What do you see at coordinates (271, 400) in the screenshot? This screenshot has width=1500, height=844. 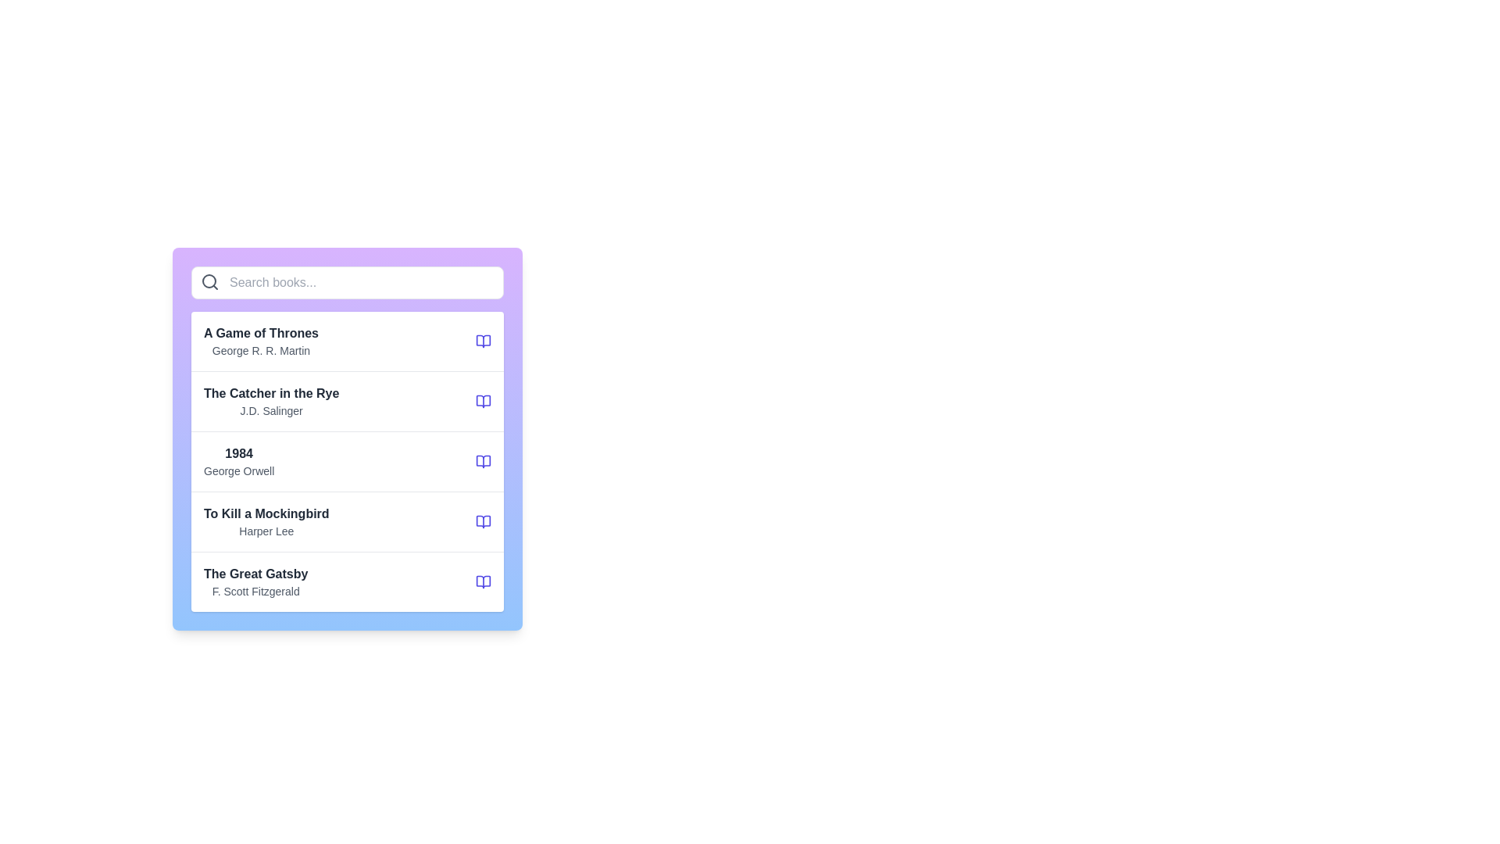 I see `the text-based entry for the book located in the second row of the sidebar, specifically below 'A Game of Thrones' and above '1984'` at bounding box center [271, 400].